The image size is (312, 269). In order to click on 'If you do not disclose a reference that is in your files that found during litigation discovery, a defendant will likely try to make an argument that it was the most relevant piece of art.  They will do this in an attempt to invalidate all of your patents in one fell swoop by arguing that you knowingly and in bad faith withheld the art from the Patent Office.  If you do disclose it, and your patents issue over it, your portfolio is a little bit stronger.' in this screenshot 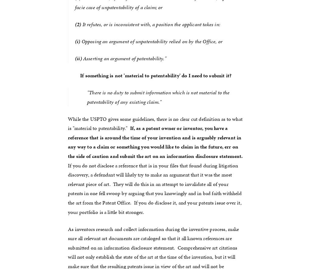, I will do `click(156, 184)`.